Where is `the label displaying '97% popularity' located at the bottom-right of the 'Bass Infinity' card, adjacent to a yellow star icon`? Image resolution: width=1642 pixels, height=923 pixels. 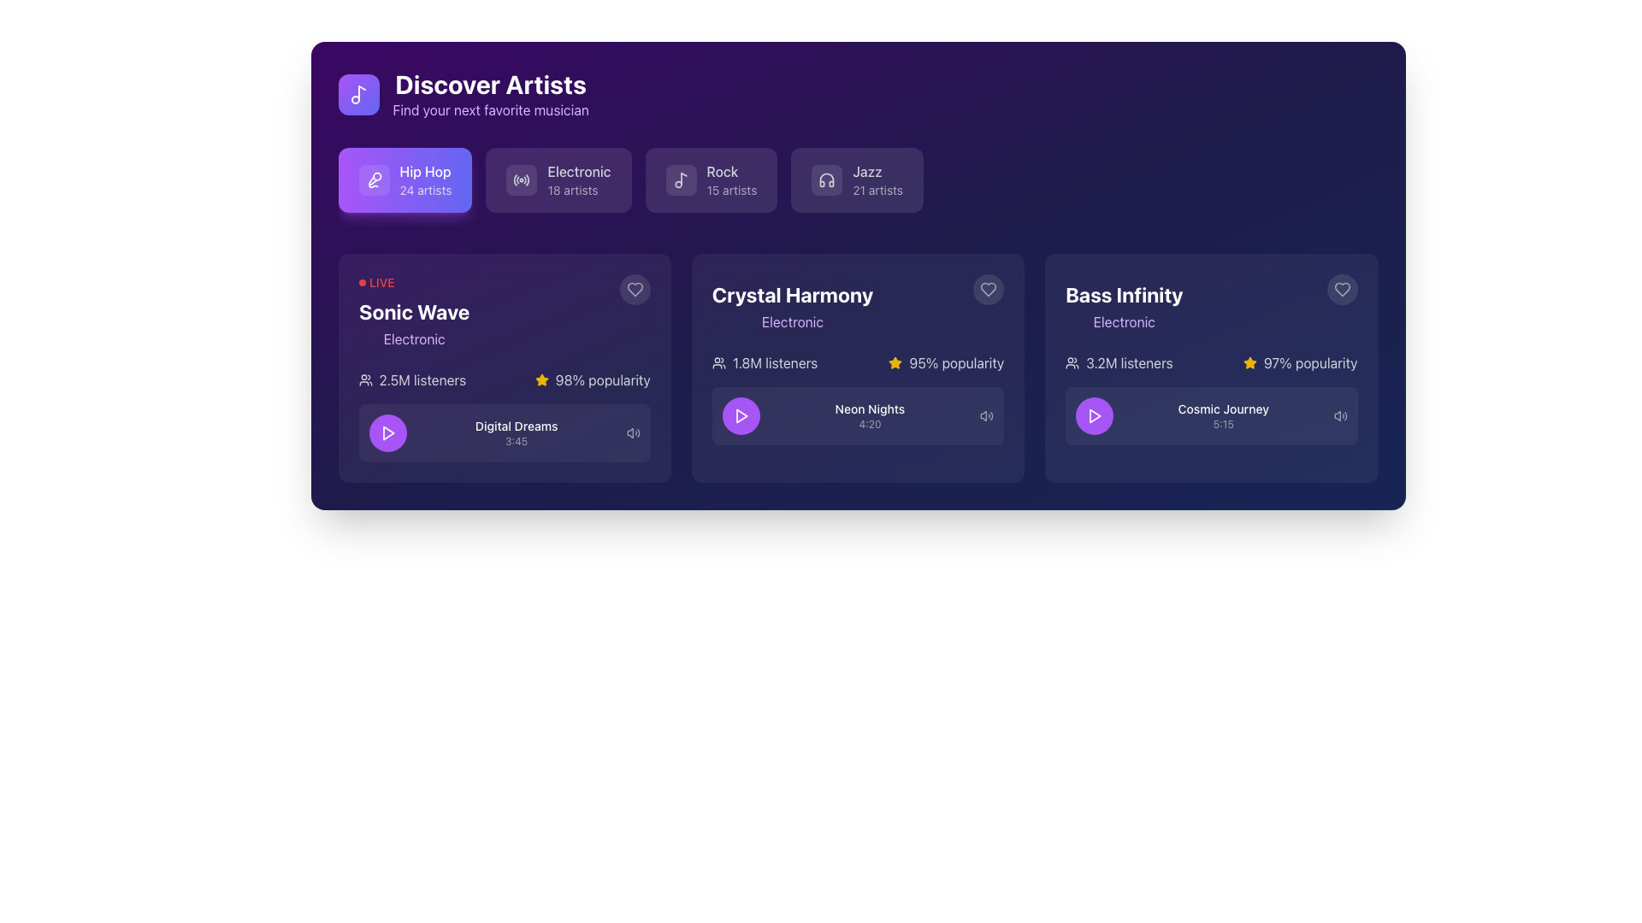 the label displaying '97% popularity' located at the bottom-right of the 'Bass Infinity' card, adjacent to a yellow star icon is located at coordinates (1309, 362).